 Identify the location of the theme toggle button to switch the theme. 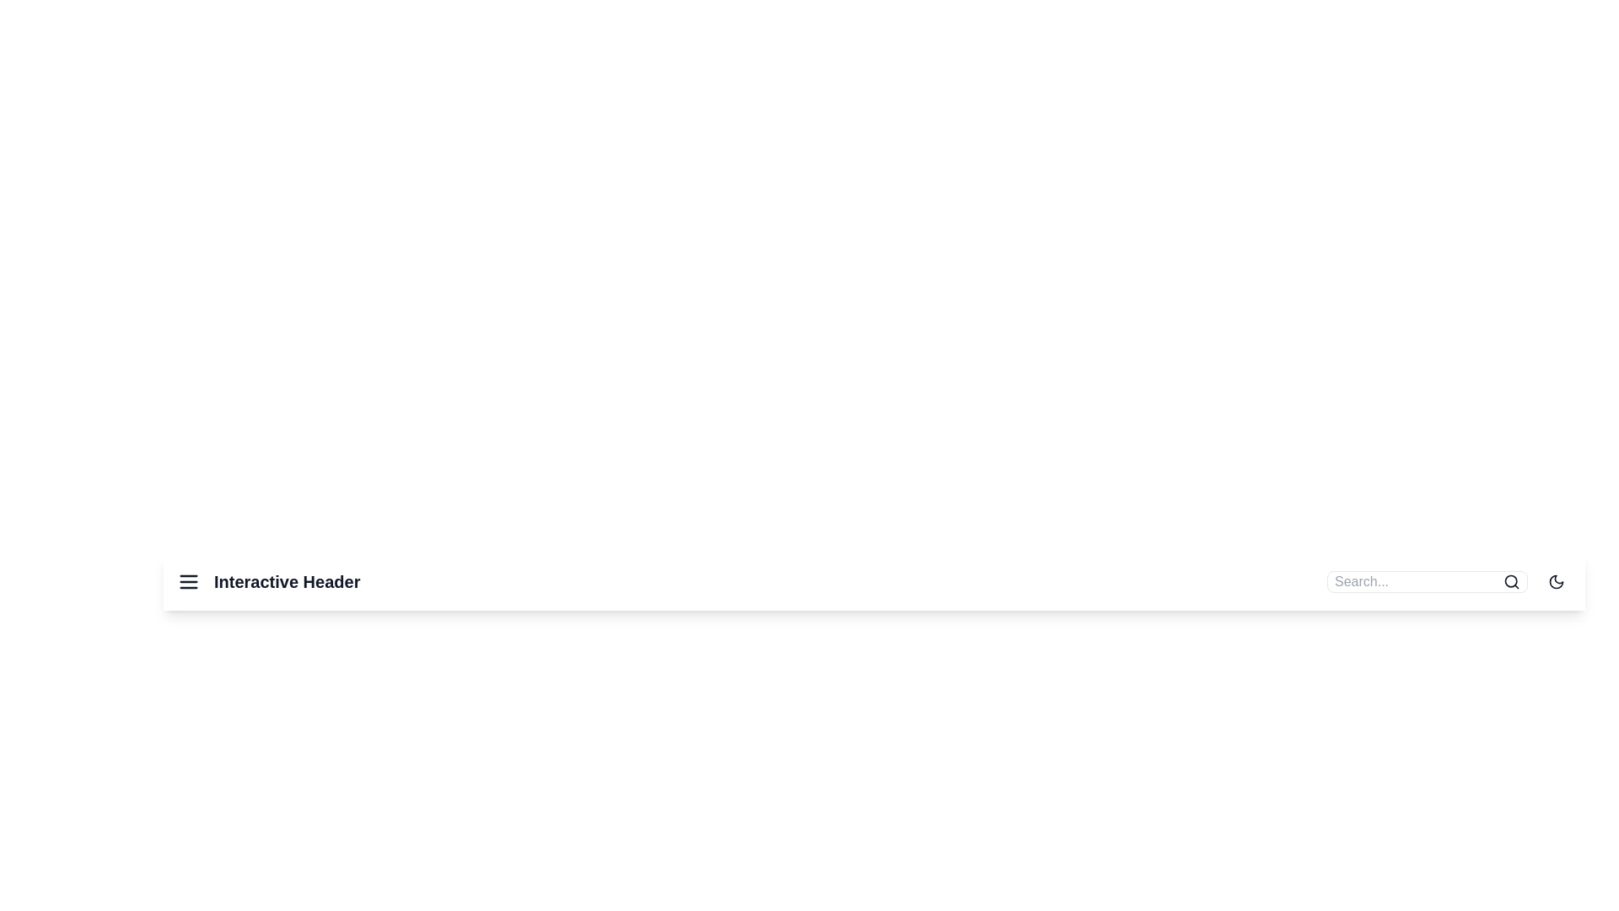
(1556, 581).